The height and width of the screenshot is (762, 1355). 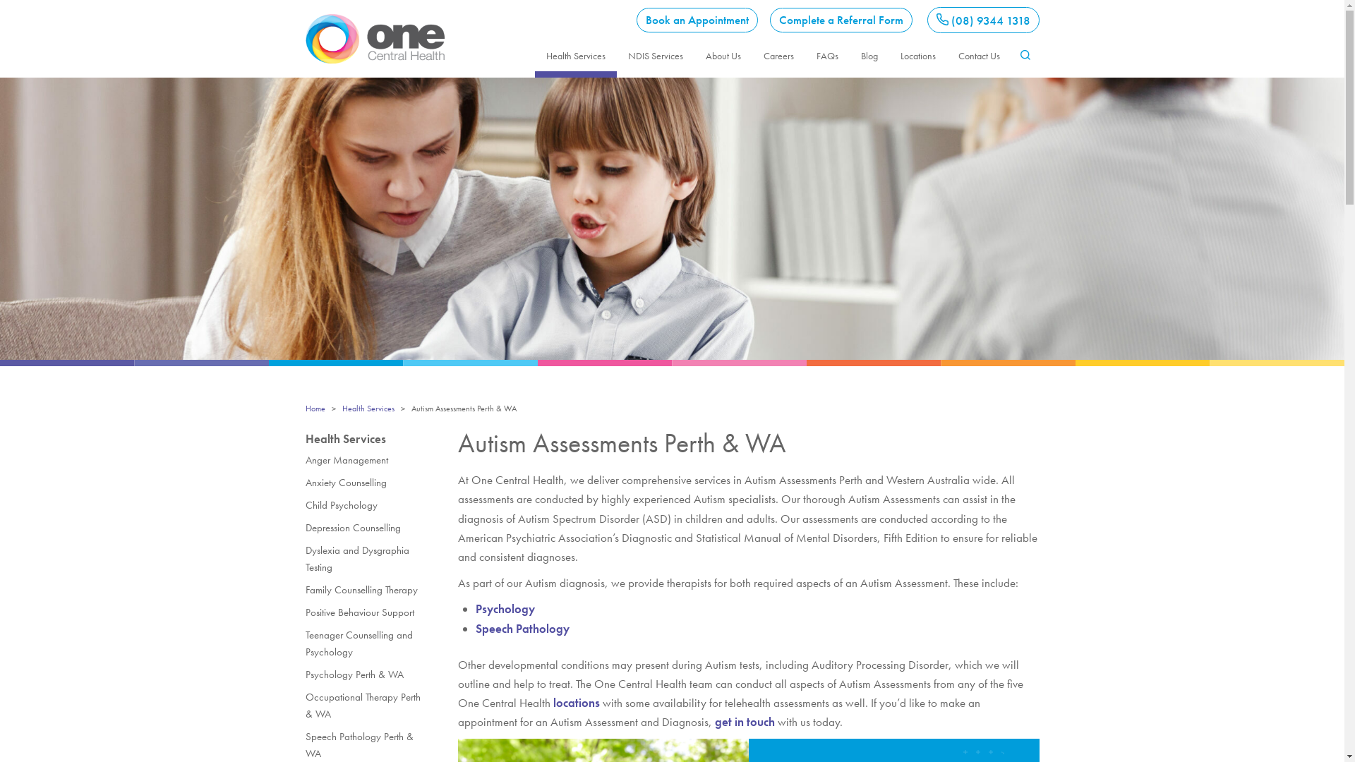 I want to click on 'Psychology Perth & WA', so click(x=304, y=674).